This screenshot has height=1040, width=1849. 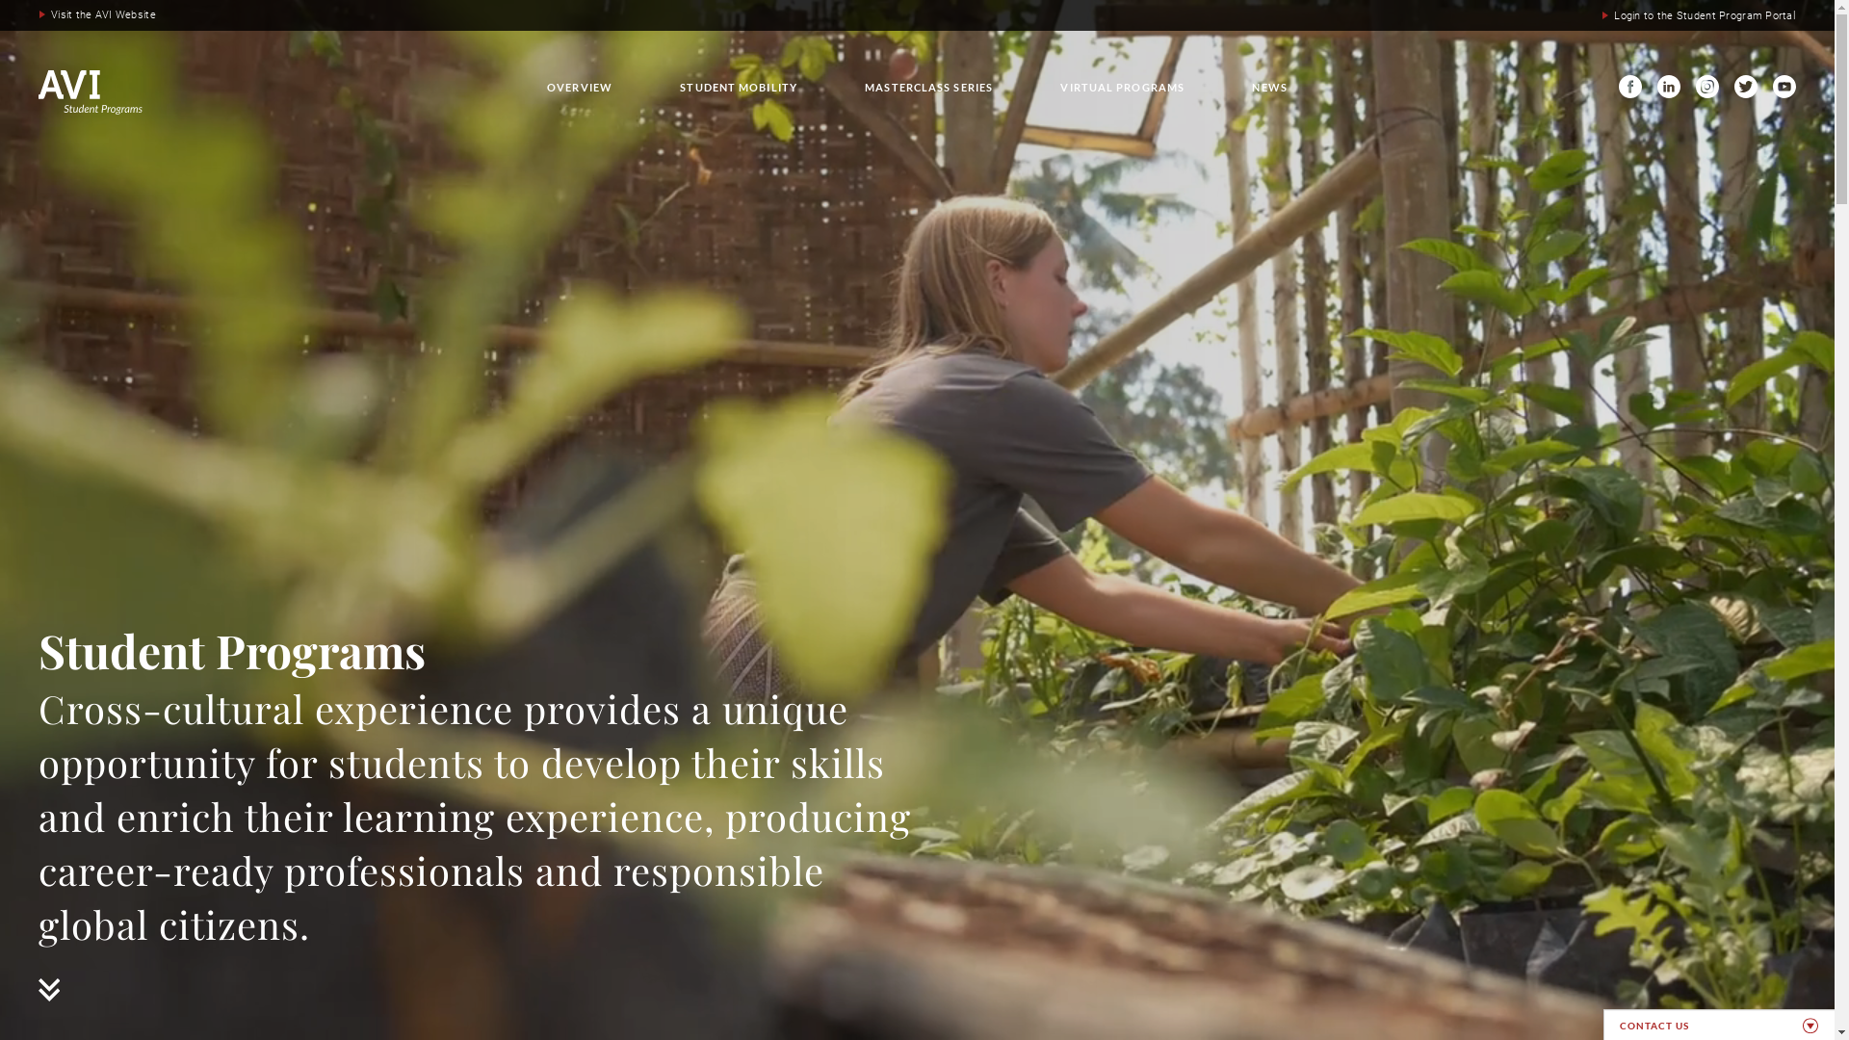 I want to click on 'VIRTUAL PROGRAMS', so click(x=1122, y=87).